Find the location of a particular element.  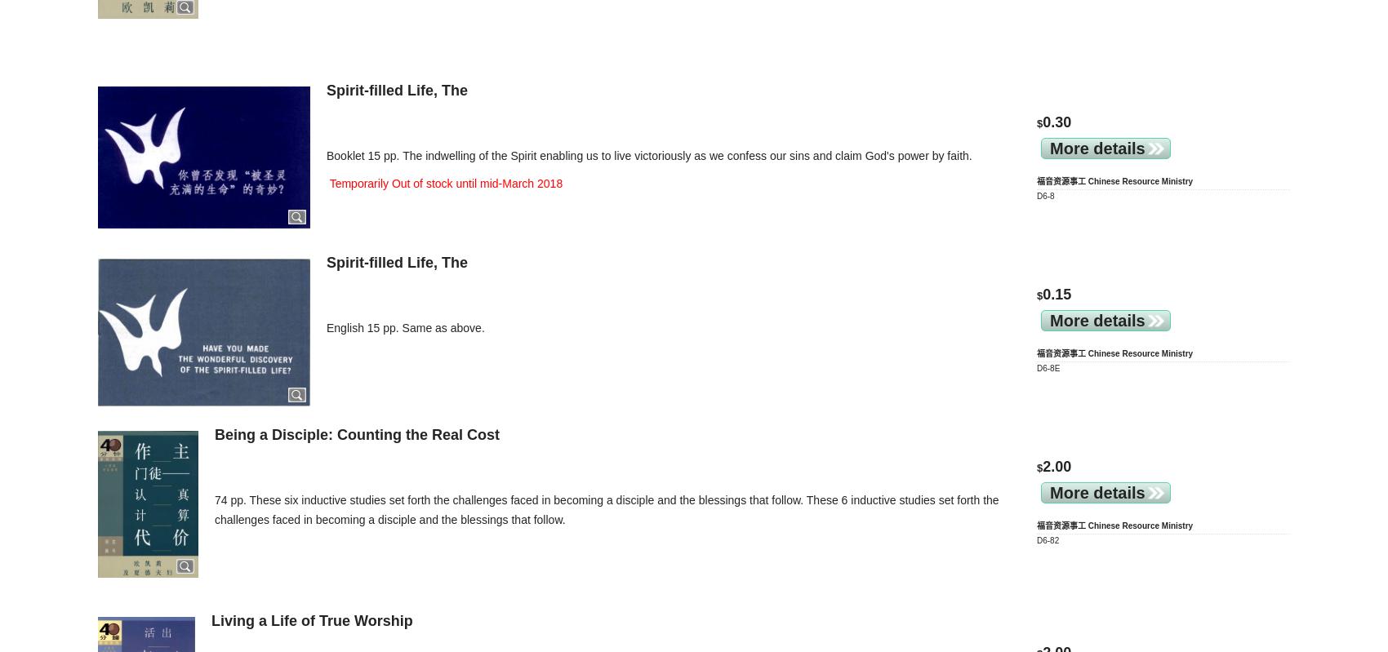

'English 15 pp. Same as above.' is located at coordinates (405, 326).